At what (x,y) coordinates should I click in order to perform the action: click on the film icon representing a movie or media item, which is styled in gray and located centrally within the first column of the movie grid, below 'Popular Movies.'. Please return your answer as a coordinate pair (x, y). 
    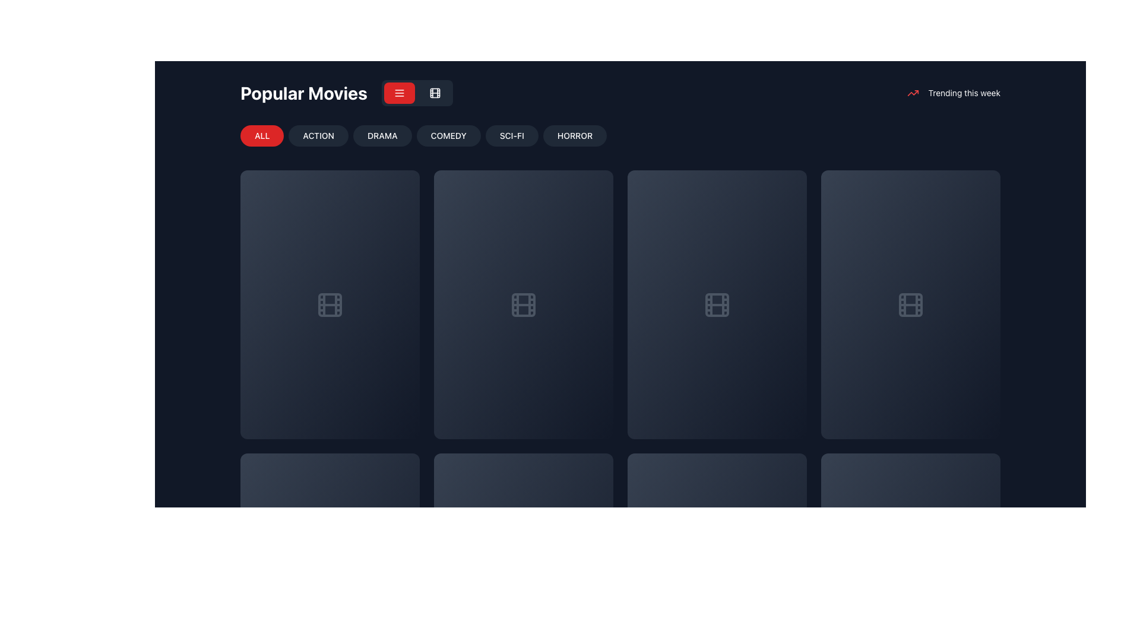
    Looking at the image, I should click on (330, 304).